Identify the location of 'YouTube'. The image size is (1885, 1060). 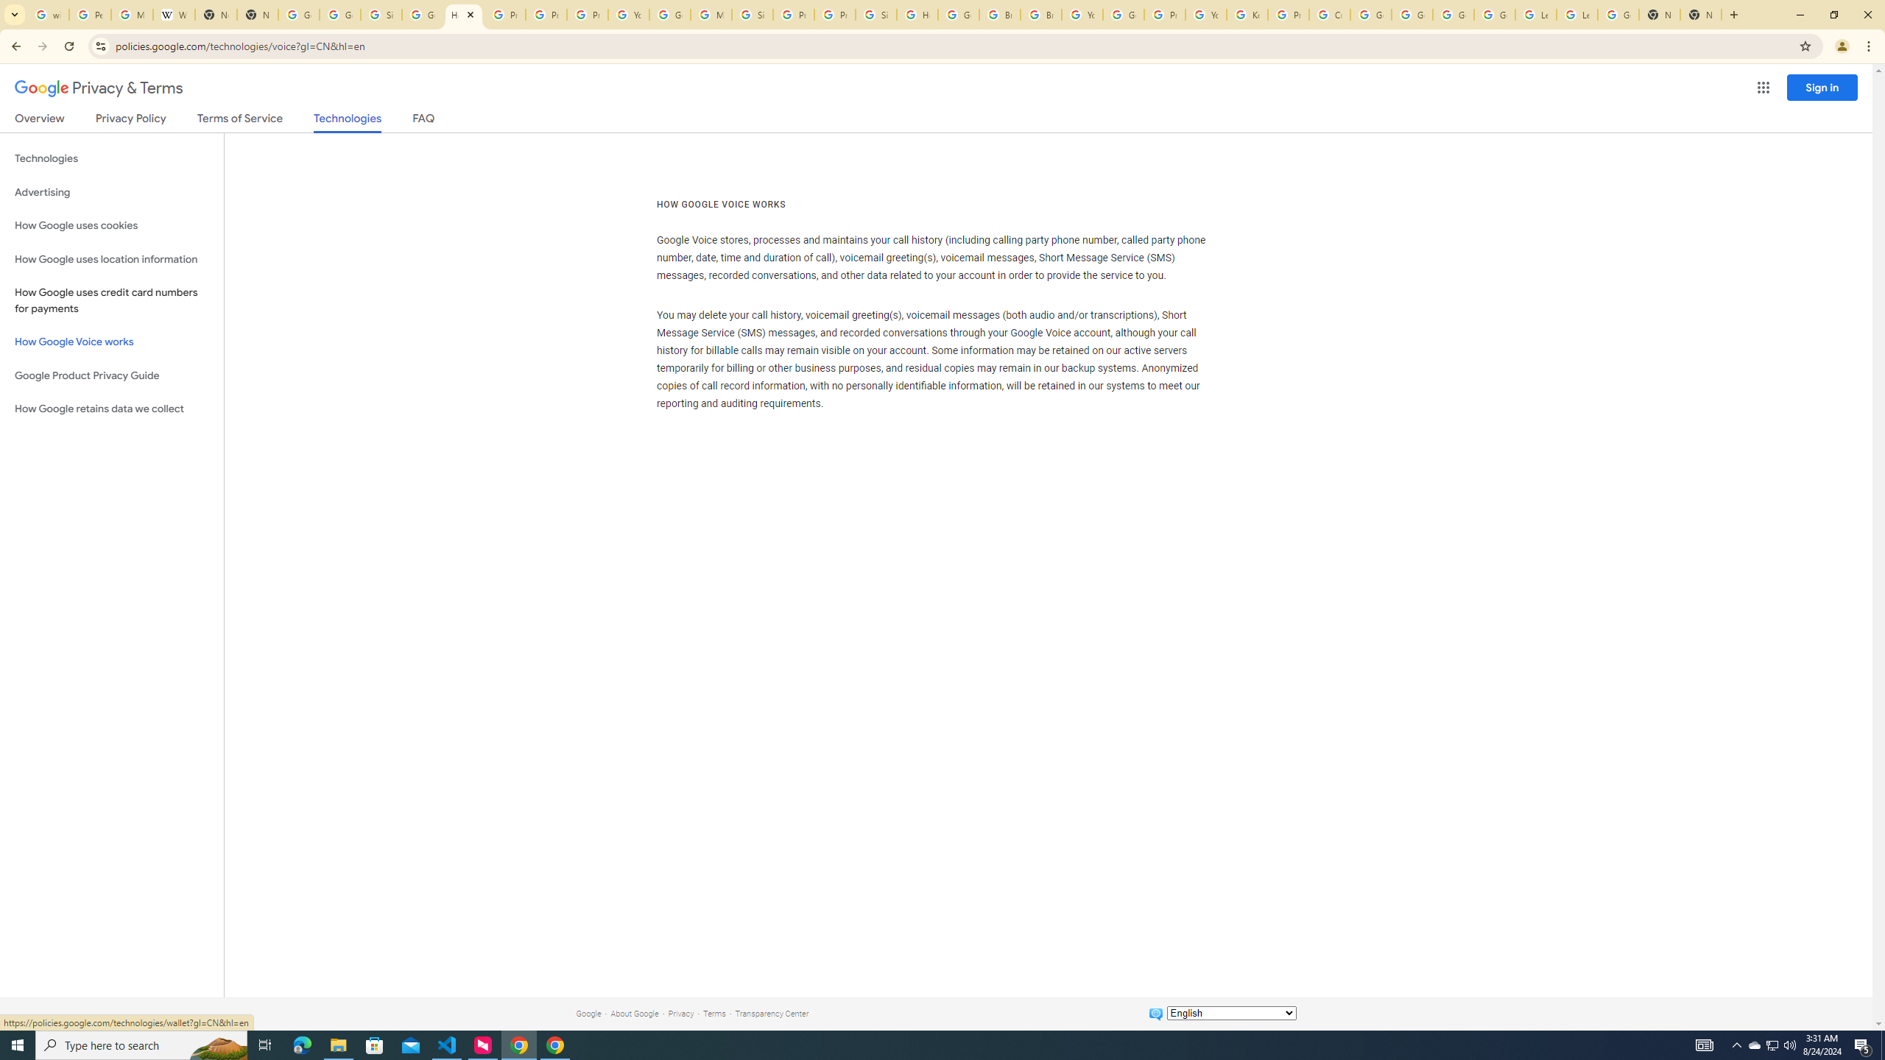
(627, 14).